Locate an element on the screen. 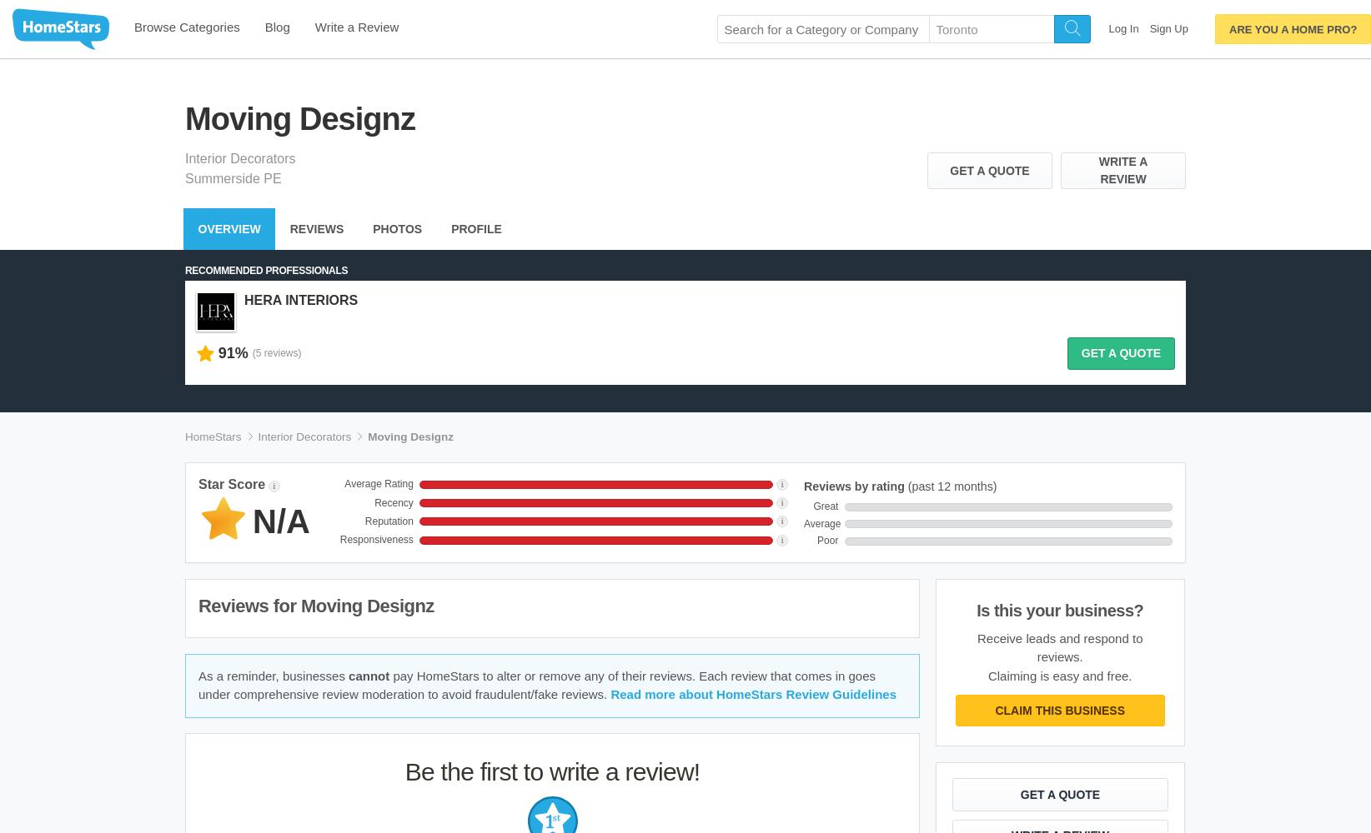 The width and height of the screenshot is (1371, 833). 'Browse Categories' is located at coordinates (187, 27).